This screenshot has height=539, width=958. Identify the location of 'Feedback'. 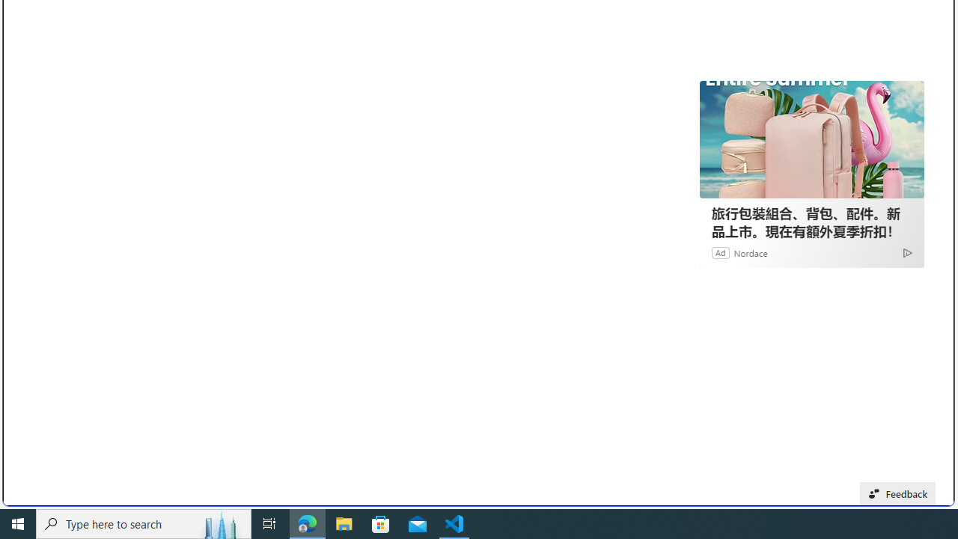
(898, 493).